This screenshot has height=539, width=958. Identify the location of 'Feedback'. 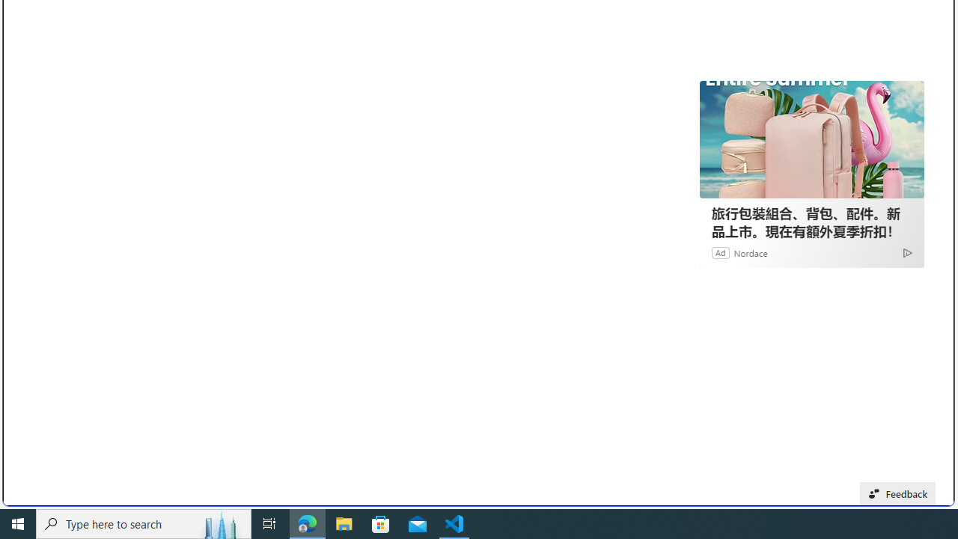
(898, 493).